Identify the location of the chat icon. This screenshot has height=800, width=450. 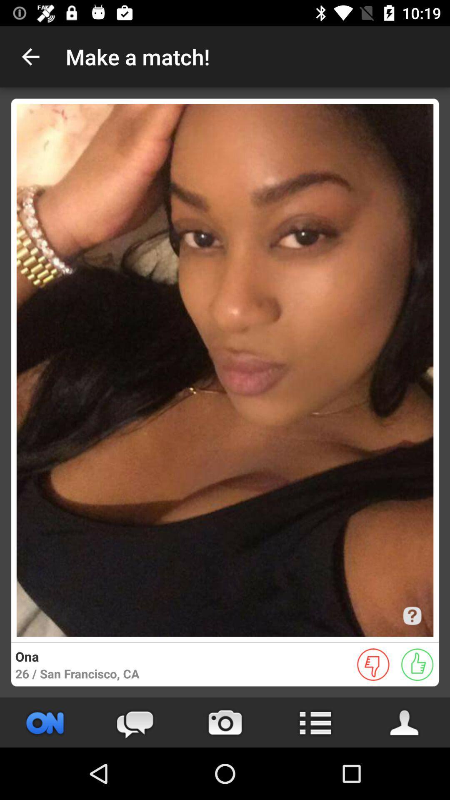
(135, 722).